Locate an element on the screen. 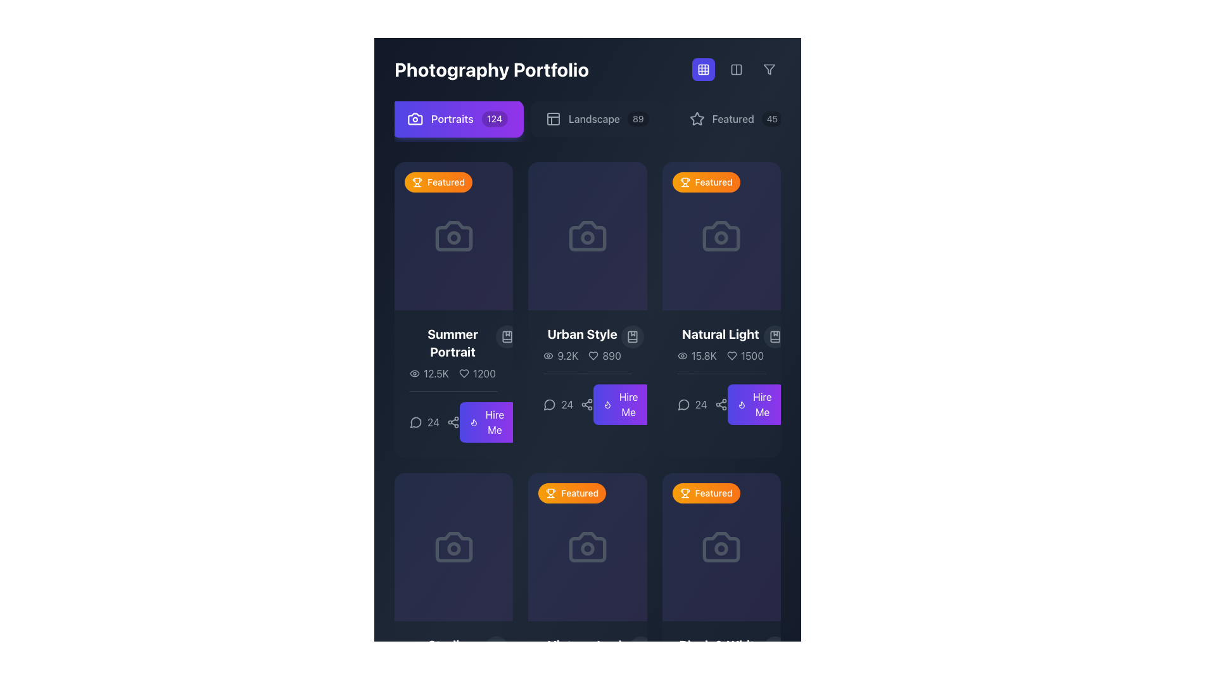 This screenshot has width=1216, height=684. numeric value '890' displayed in bold sans-serif font, located to the right of a heart icon under the 'Urban Style' card is located at coordinates (604, 356).